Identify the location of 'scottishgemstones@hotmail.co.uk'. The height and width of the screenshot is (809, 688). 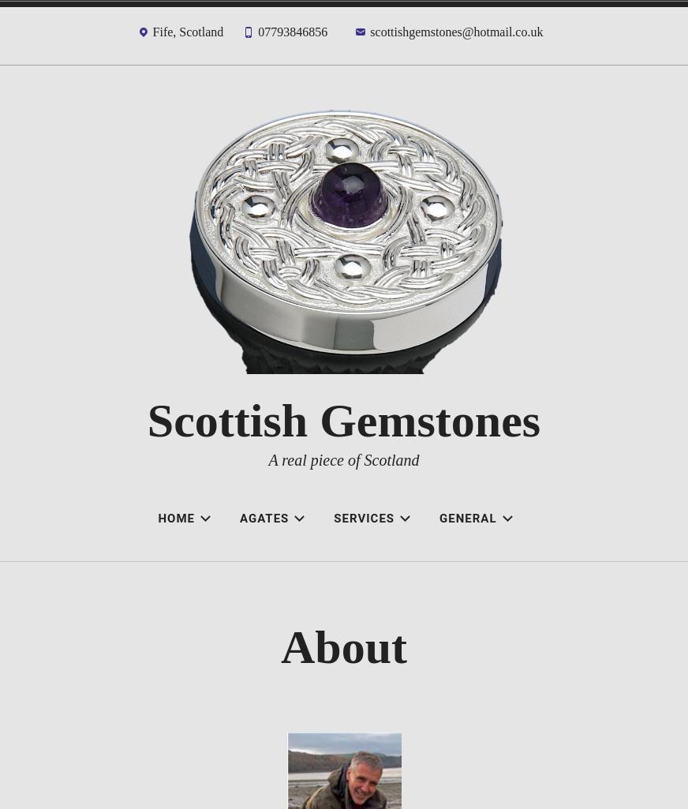
(456, 32).